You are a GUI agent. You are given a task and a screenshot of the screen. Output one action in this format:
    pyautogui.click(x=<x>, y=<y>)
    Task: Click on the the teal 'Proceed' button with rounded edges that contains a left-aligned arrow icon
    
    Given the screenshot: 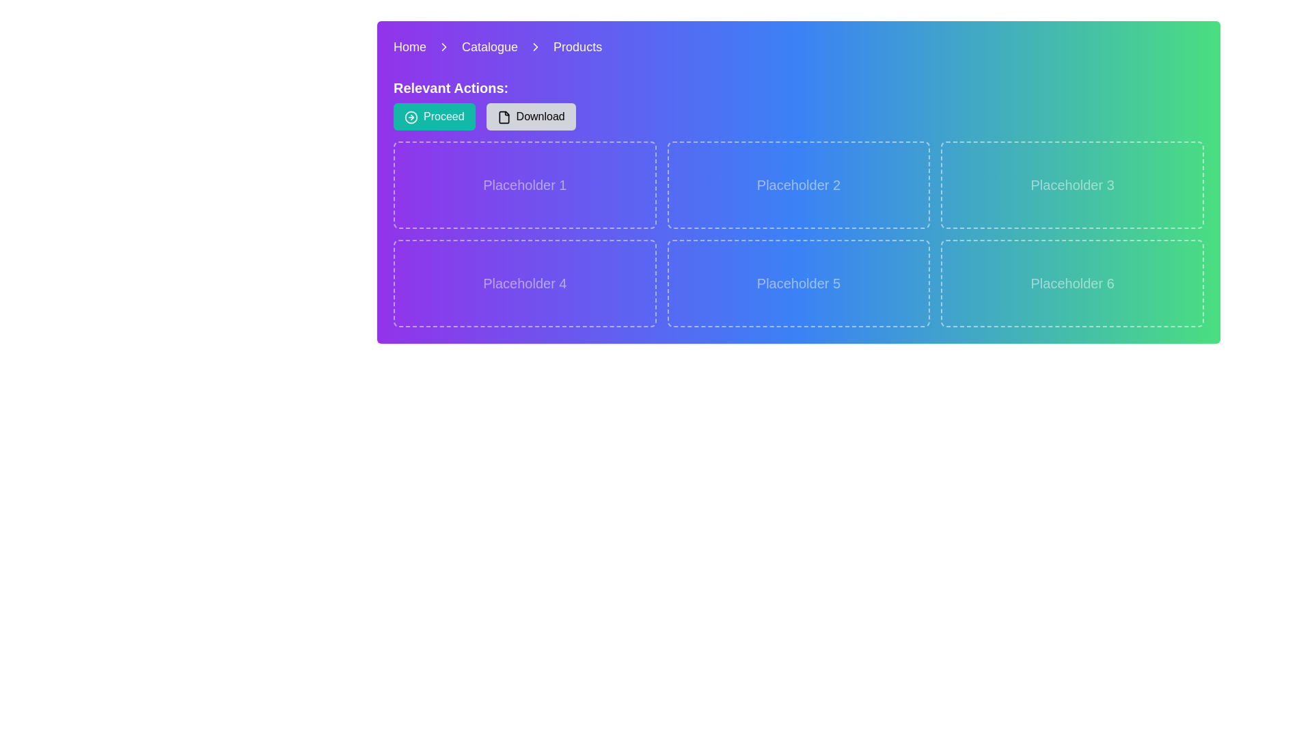 What is the action you would take?
    pyautogui.click(x=433, y=115)
    